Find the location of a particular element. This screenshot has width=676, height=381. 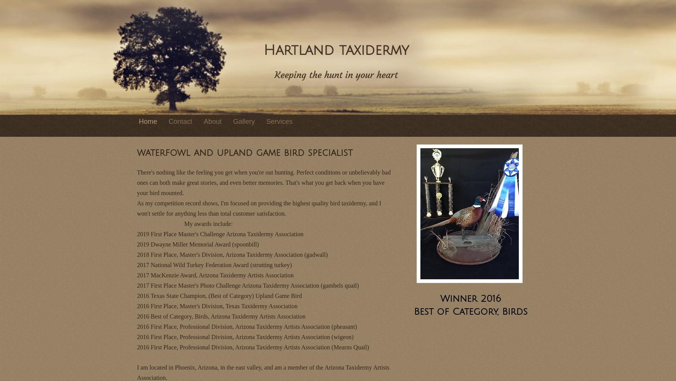

'Keeping the hunt in your heart' is located at coordinates (336, 74).